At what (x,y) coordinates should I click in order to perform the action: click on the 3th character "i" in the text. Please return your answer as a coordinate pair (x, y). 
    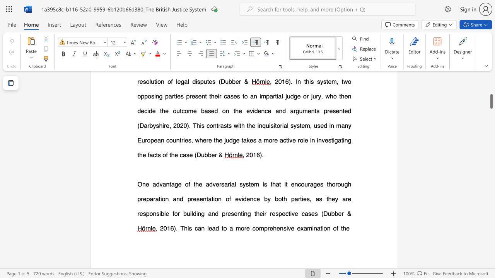
    Looking at the image, I should click on (285, 184).